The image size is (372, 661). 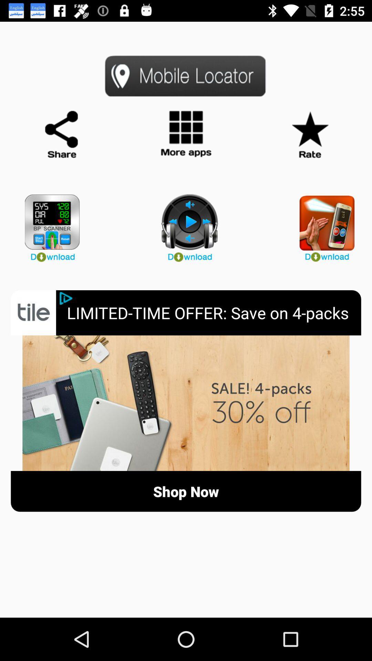 What do you see at coordinates (323, 225) in the screenshot?
I see `the item above the limited time offer icon` at bounding box center [323, 225].